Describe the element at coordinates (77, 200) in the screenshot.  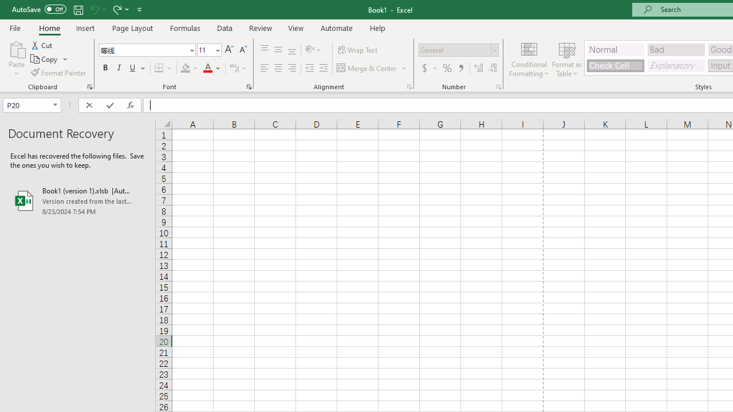
I see `'Book1 (version 1).xlsb  [AutoRecovered]'` at that location.